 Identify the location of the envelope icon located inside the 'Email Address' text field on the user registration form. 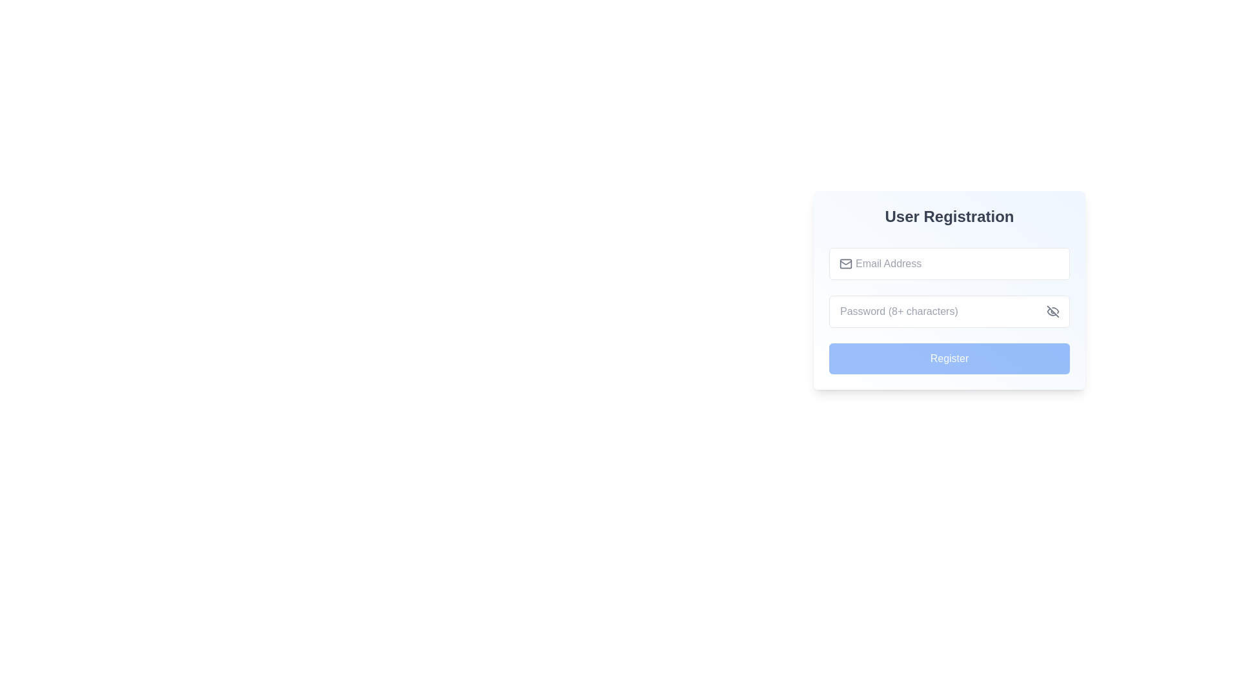
(845, 263).